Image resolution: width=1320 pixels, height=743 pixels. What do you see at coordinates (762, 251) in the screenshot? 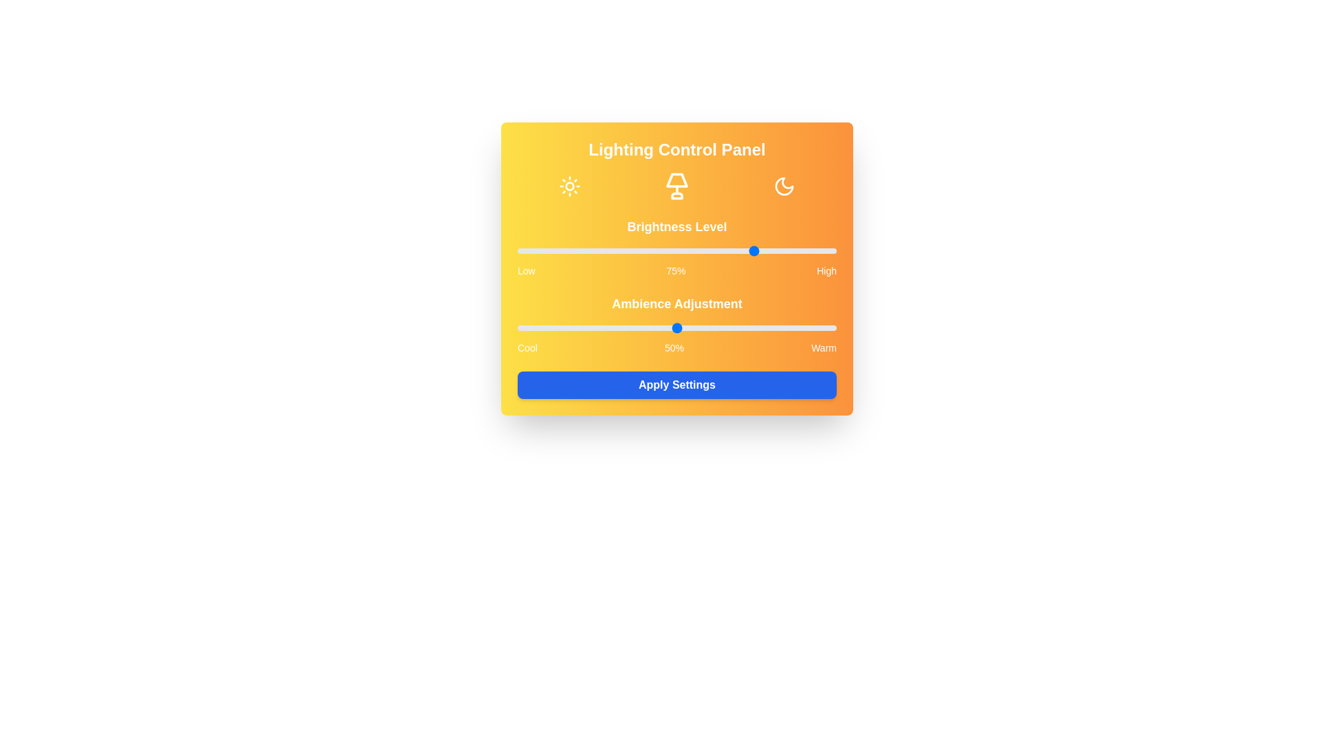
I see `the brightness slider to set the brightness level to 77%` at bounding box center [762, 251].